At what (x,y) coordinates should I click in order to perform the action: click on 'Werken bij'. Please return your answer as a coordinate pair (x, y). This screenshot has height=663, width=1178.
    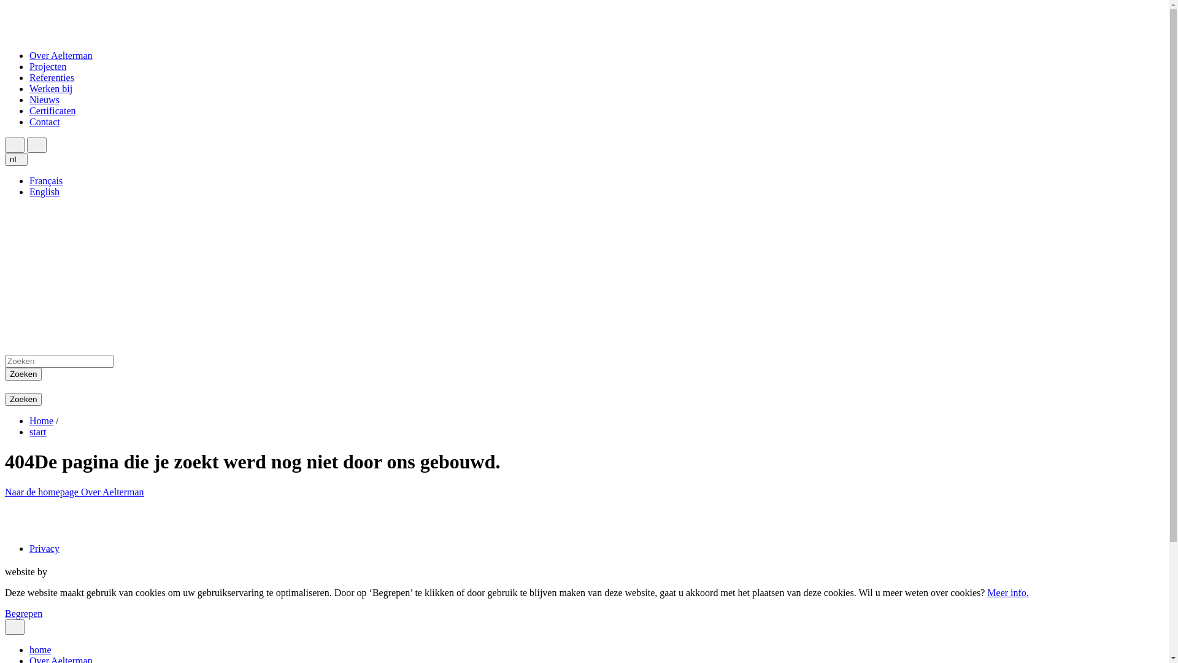
    Looking at the image, I should click on (29, 88).